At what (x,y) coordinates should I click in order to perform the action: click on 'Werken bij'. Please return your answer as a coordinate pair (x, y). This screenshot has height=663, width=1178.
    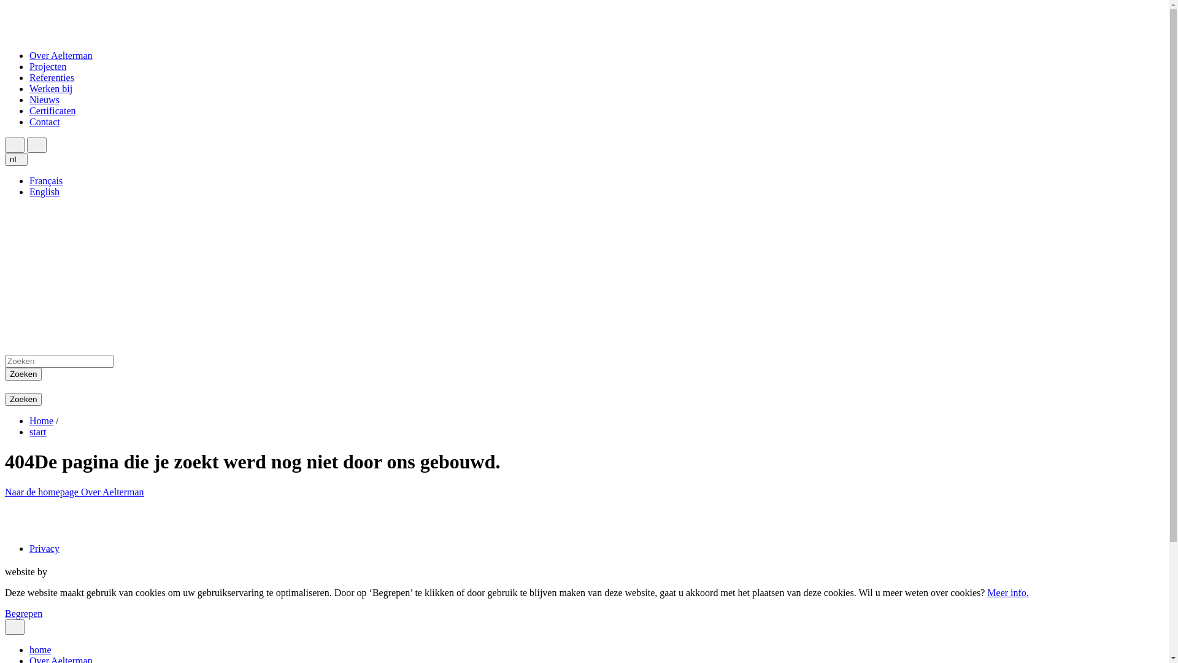
    Looking at the image, I should click on (29, 88).